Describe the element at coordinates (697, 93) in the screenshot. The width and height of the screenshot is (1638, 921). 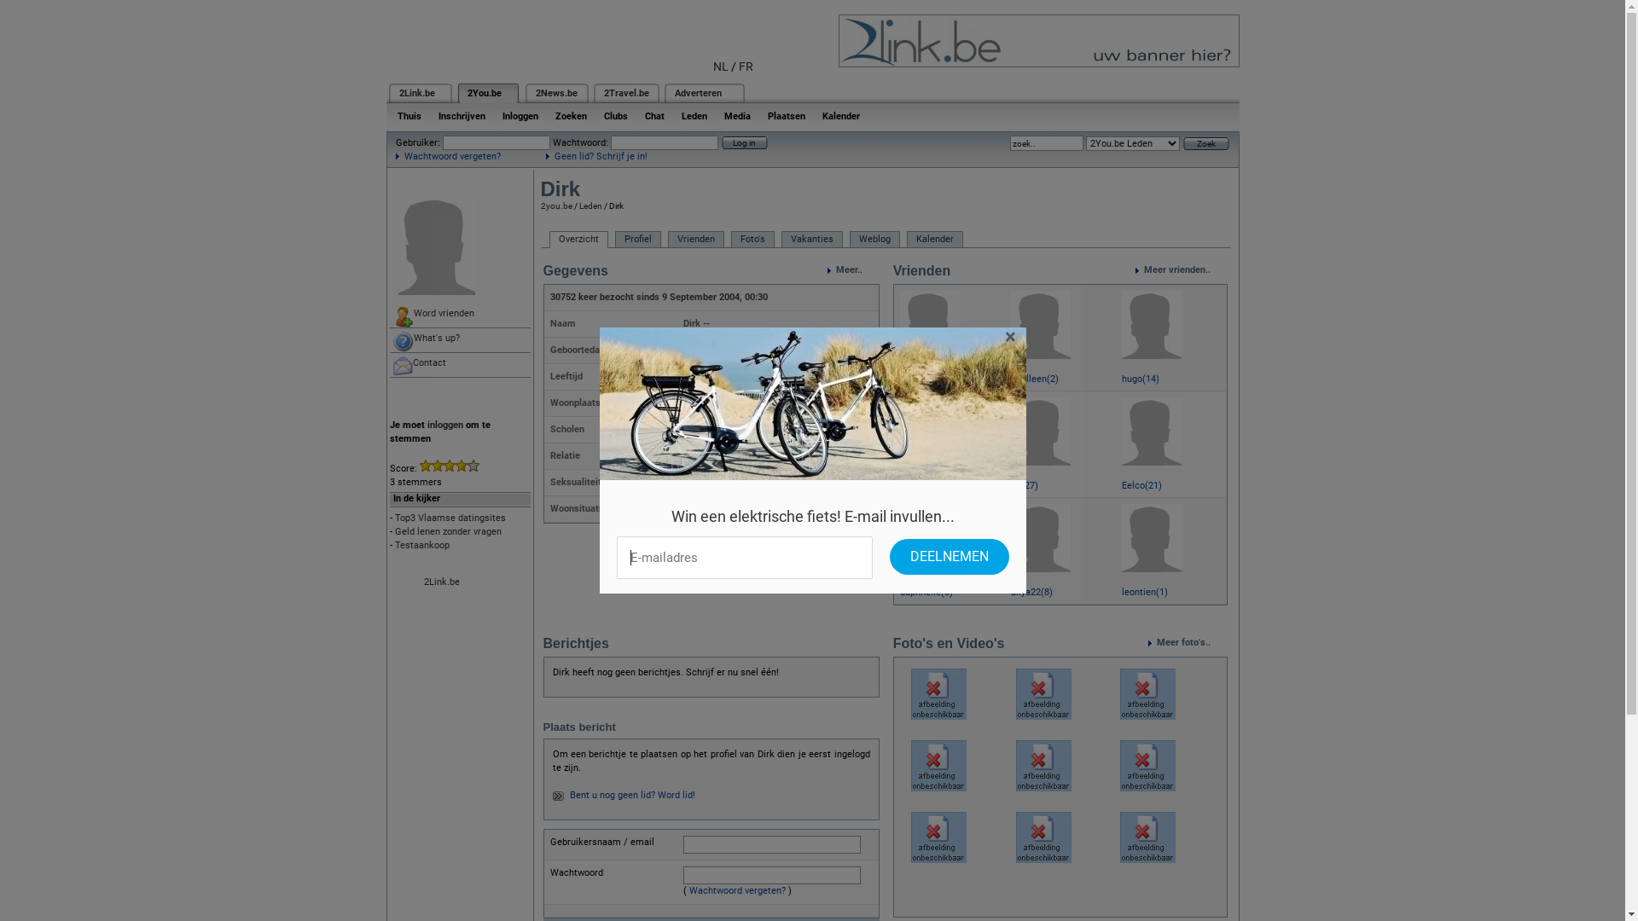
I see `'Adverteren'` at that location.